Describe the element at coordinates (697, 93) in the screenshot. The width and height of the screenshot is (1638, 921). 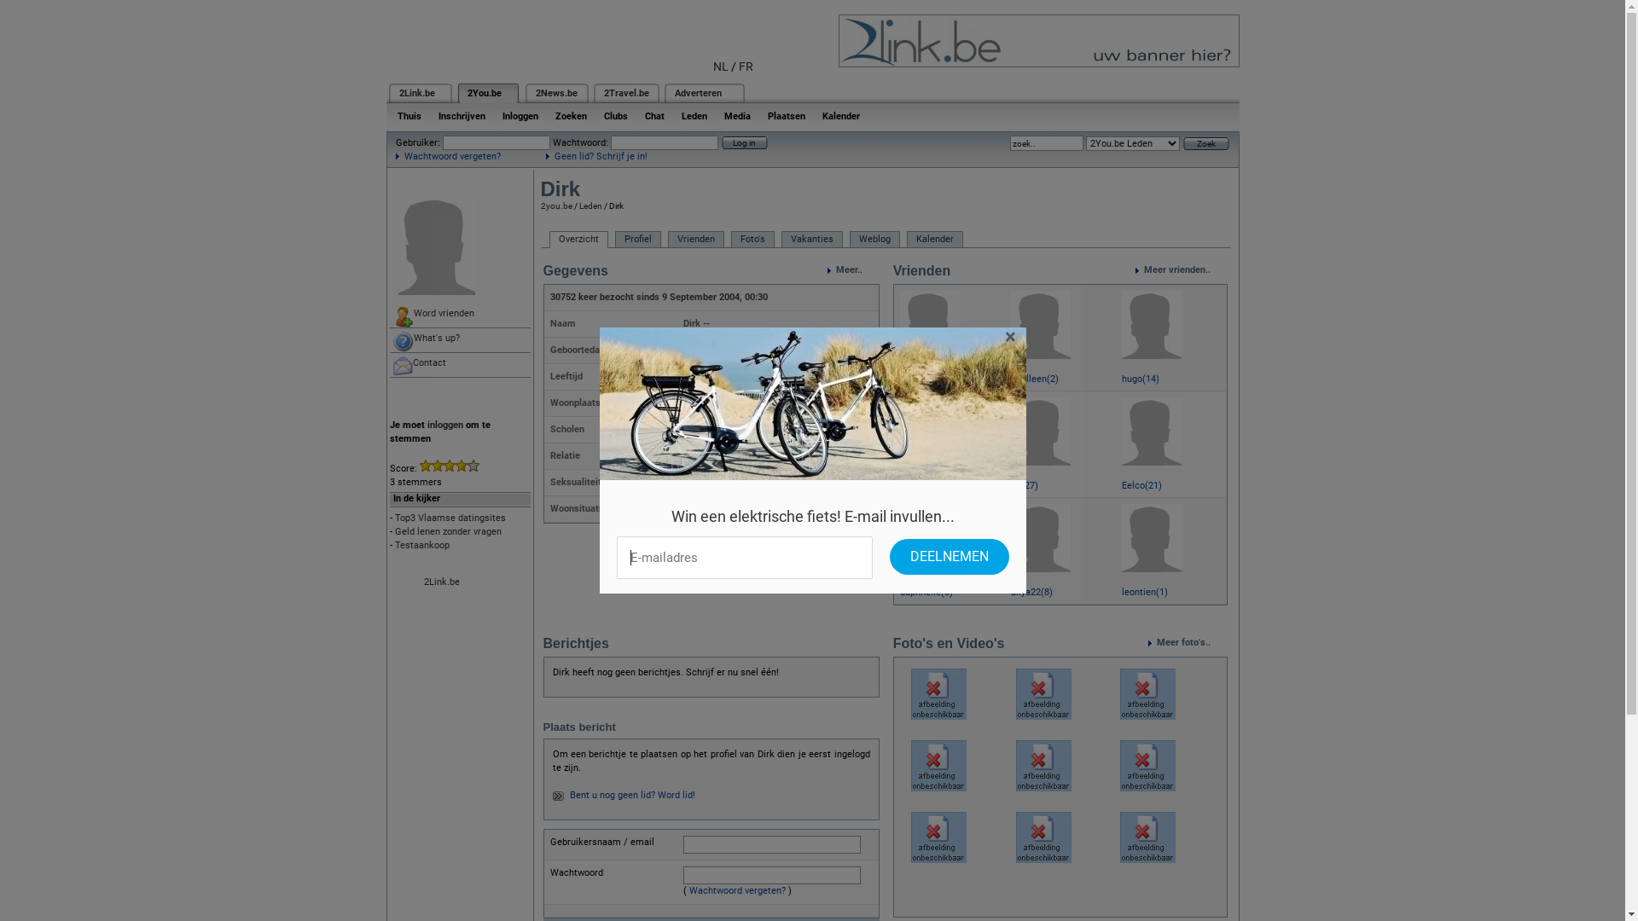
I see `'Adverteren'` at that location.